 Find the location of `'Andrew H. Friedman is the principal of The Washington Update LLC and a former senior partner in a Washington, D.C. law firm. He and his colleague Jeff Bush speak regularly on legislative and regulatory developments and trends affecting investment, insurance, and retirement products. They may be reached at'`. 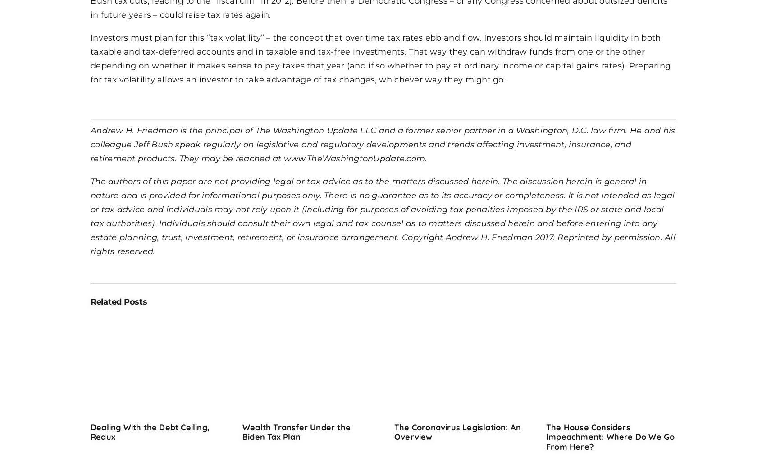

'Andrew H. Friedman is the principal of The Washington Update LLC and a former senior partner in a Washington, D.C. law firm. He and his colleague Jeff Bush speak regularly on legislative and regulatory developments and trends affecting investment, insurance, and retirement products. They may be reached at' is located at coordinates (90, 143).